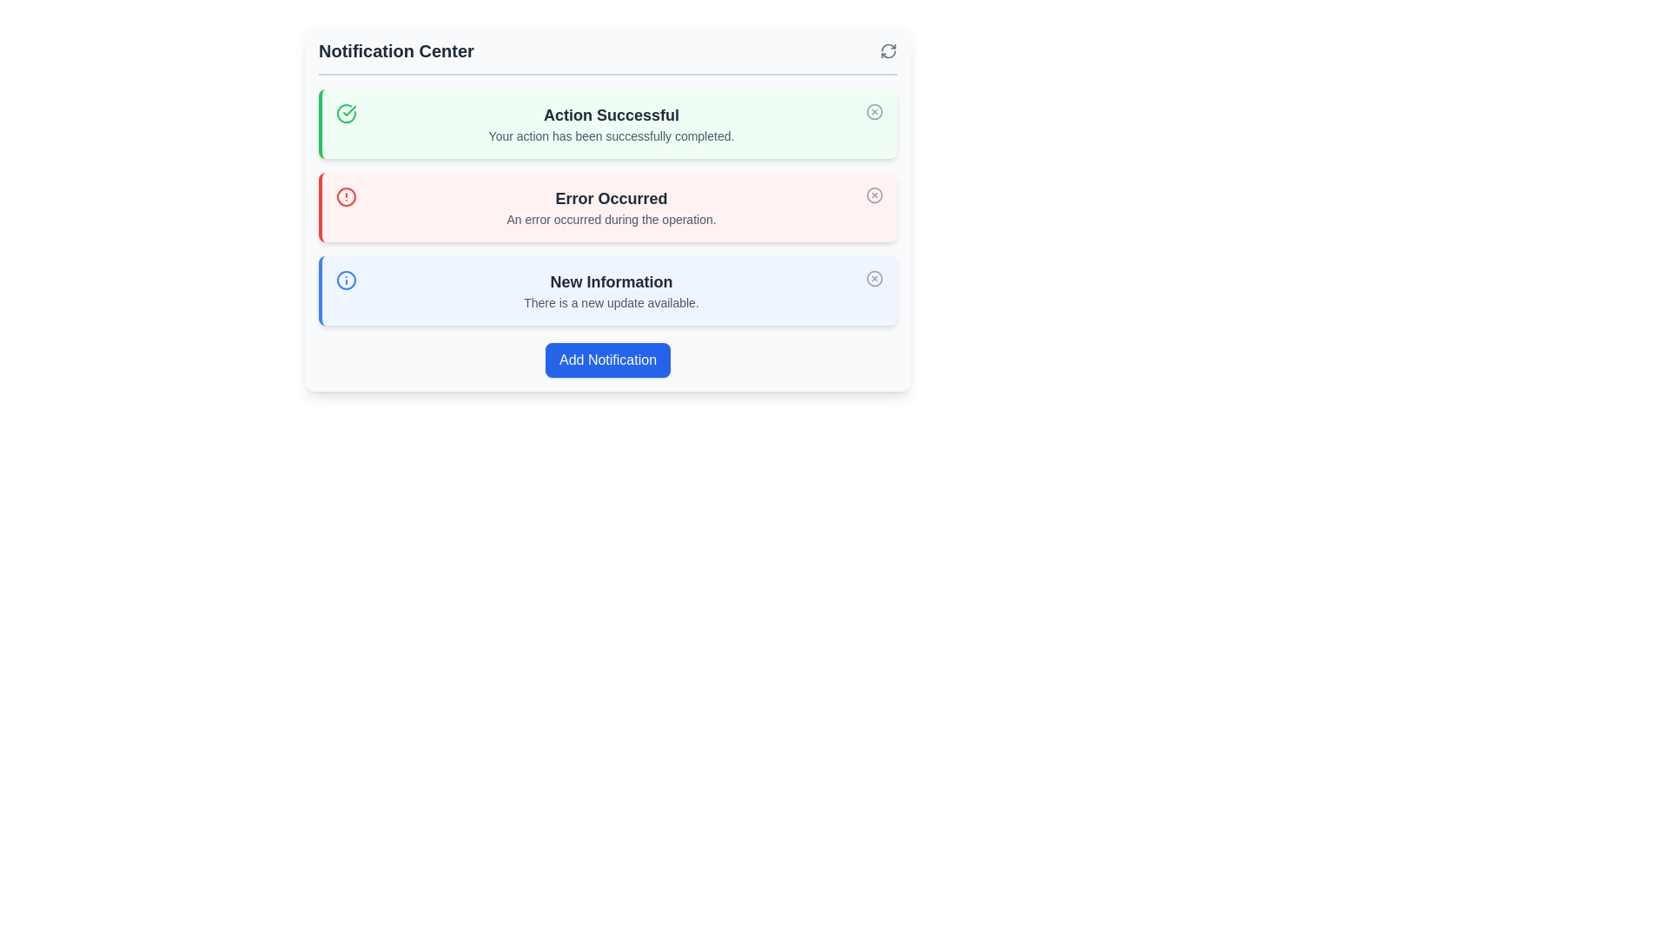 This screenshot has height=938, width=1668. Describe the element at coordinates (612, 122) in the screenshot. I see `the Notification banner located in the 'Notification Center' section, which is the first notification indicating a successful completion of an action` at that location.